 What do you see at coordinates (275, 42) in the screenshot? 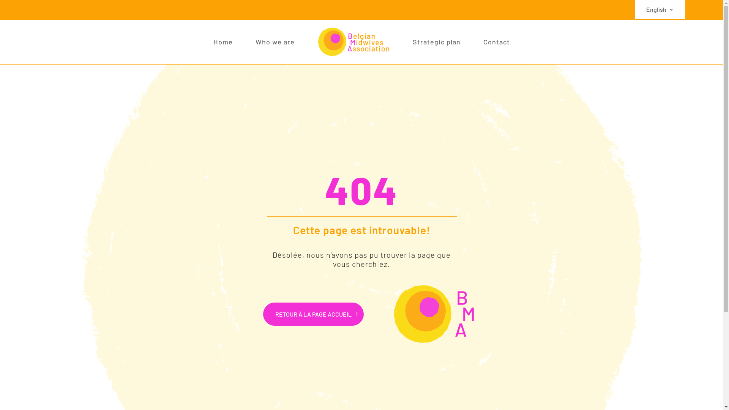
I see `'Who we are'` at bounding box center [275, 42].